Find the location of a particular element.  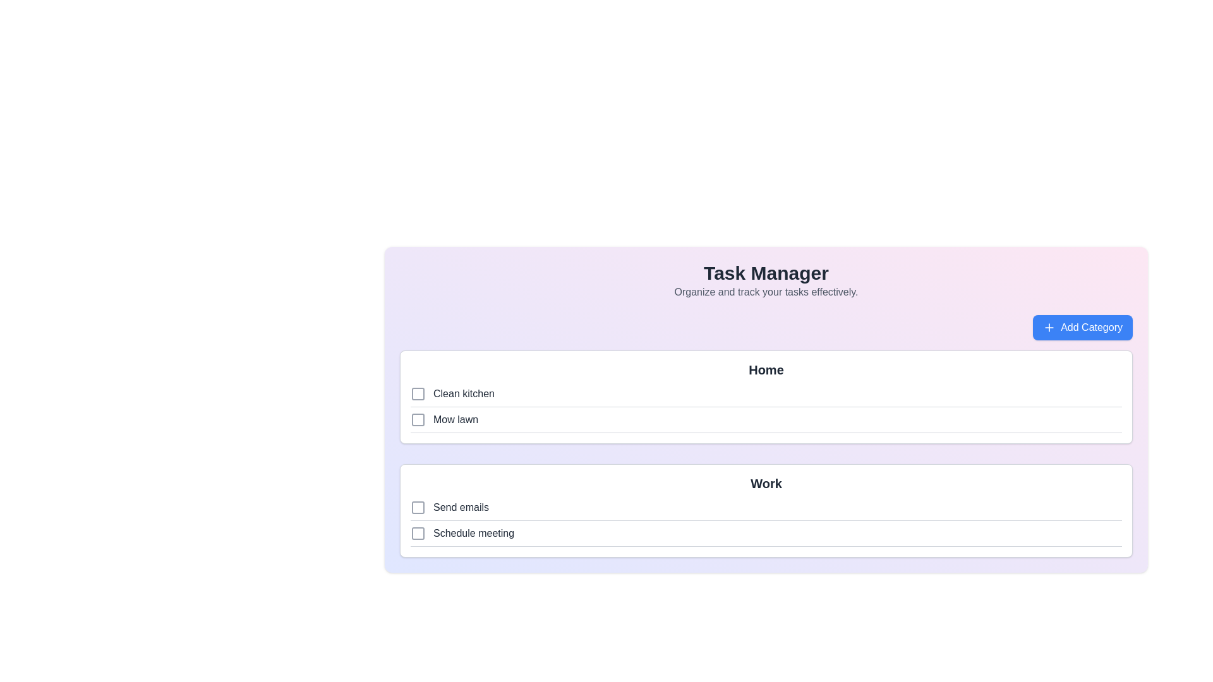

the checkbox associated with the task 'Mow lawn' is located at coordinates (418, 419).